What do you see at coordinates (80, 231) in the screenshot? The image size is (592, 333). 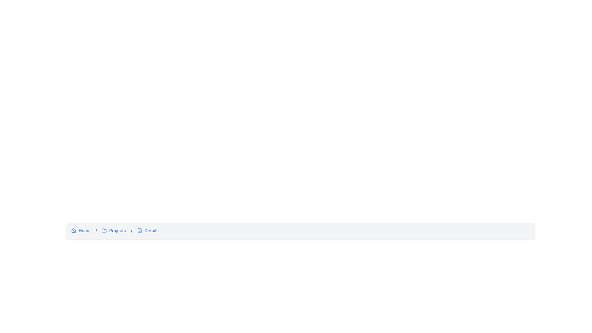 I see `the Breadcrumb Navigational Link, which is the first component in the breadcrumb navigation bar and redirects to the homepage` at bounding box center [80, 231].